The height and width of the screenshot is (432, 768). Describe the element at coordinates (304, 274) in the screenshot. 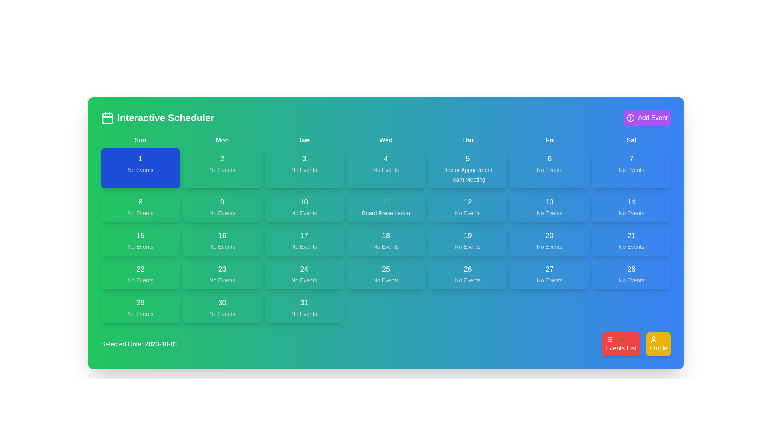

I see `the calendar day cell displaying the date '24'` at that location.